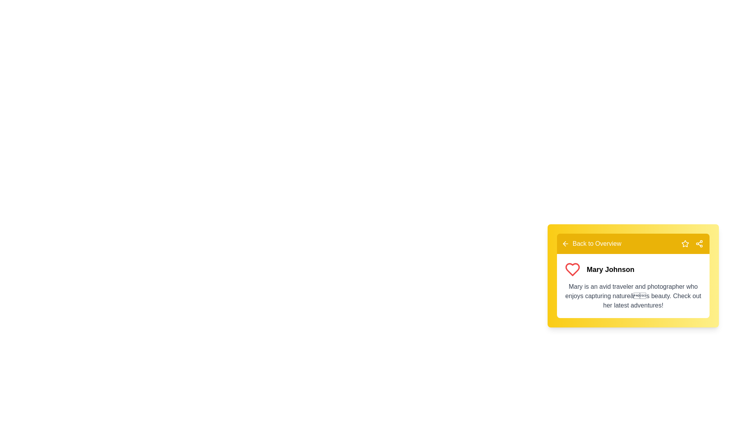  I want to click on the text label displaying 'Mary Johnson', so click(610, 269).